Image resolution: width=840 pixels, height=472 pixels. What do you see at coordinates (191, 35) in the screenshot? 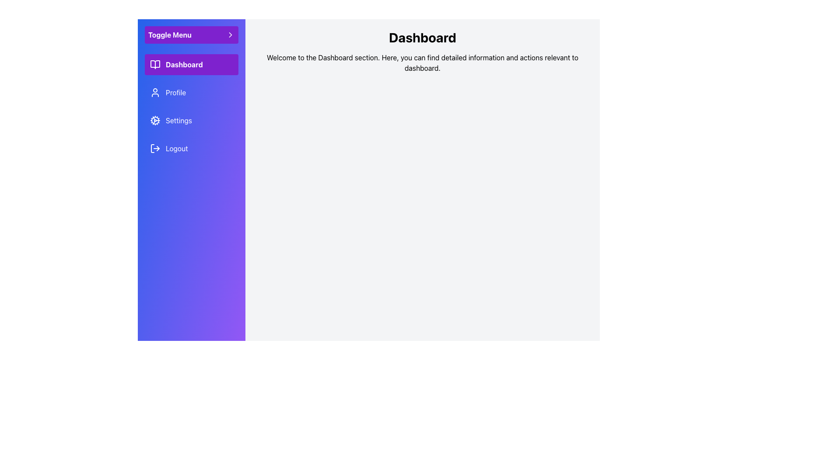
I see `the 'Toggle Menu' button with a purple background` at bounding box center [191, 35].